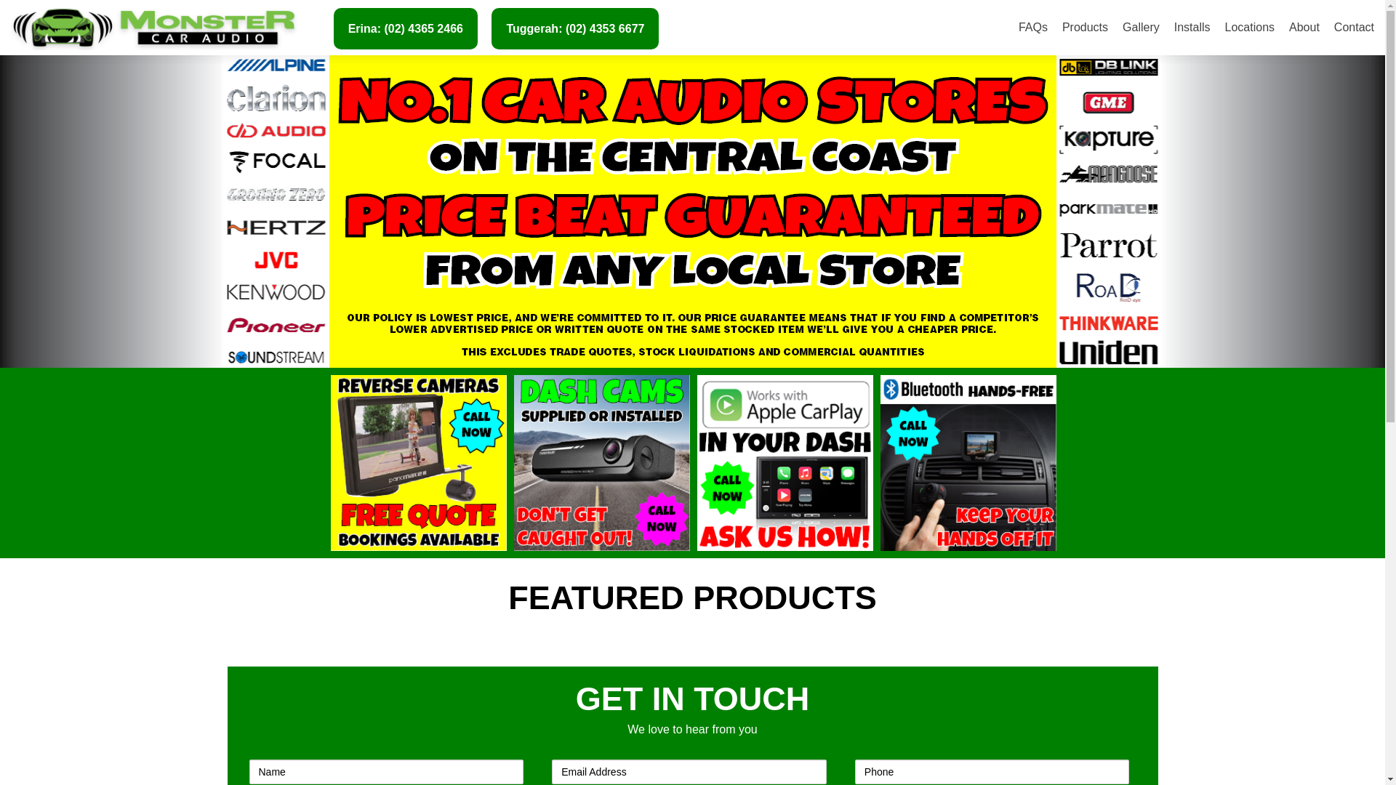  I want to click on 'FAQs', so click(1032, 27).